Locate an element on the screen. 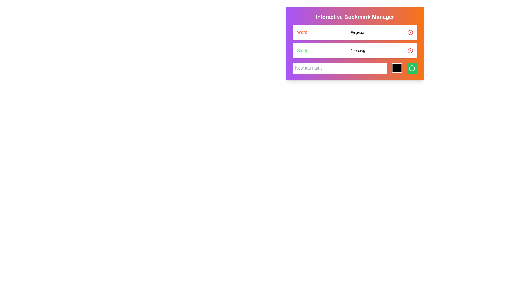 The width and height of the screenshot is (516, 290). the circular graphic element (10-pixel radius) with no fill color and a stroke outline, located within the 'Study' tag row of the SVG as an 'x-circle' icon is located at coordinates (410, 32).